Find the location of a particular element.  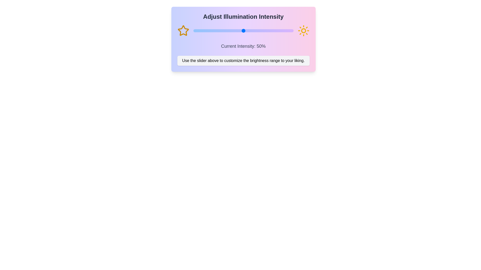

the slider to set the intensity to 10% is located at coordinates (203, 31).